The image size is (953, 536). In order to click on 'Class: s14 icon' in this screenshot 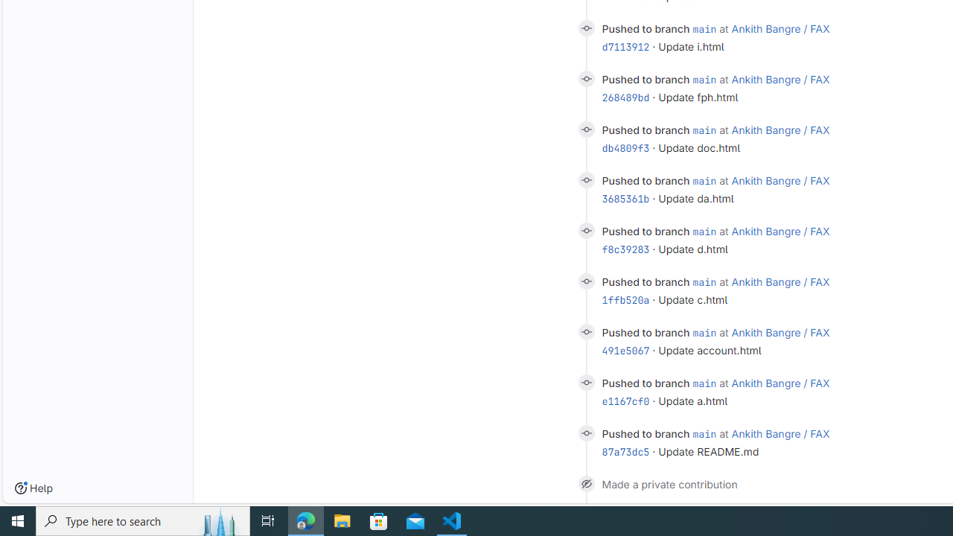, I will do `click(585, 483)`.